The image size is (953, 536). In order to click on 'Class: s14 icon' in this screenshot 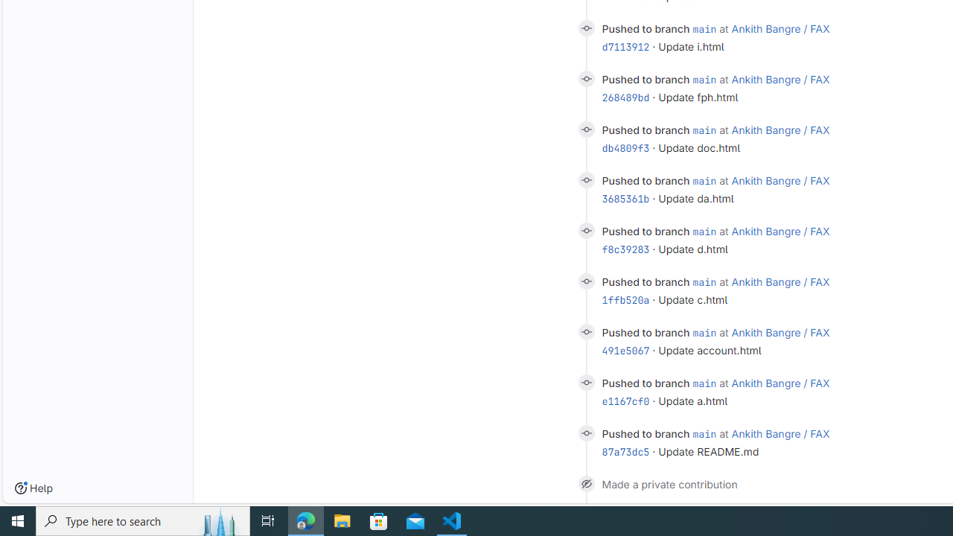, I will do `click(585, 483)`.